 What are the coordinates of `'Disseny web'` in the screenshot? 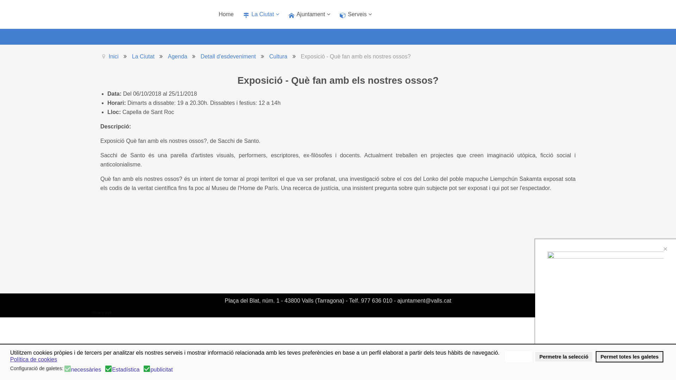 It's located at (101, 312).